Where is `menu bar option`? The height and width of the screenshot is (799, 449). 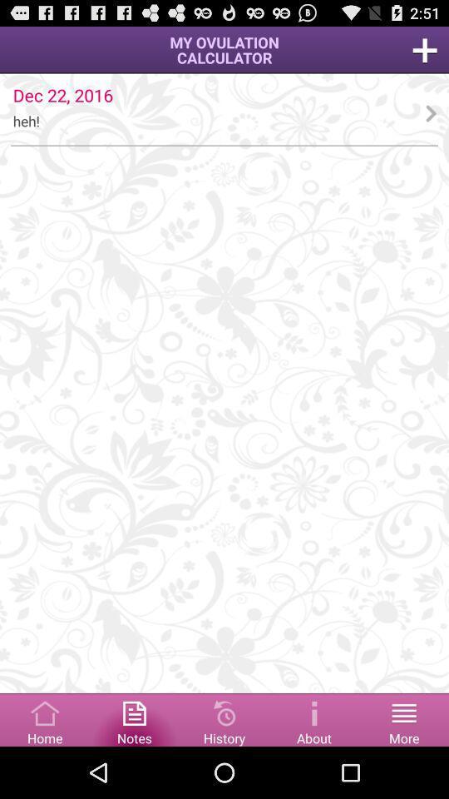
menu bar option is located at coordinates (403, 718).